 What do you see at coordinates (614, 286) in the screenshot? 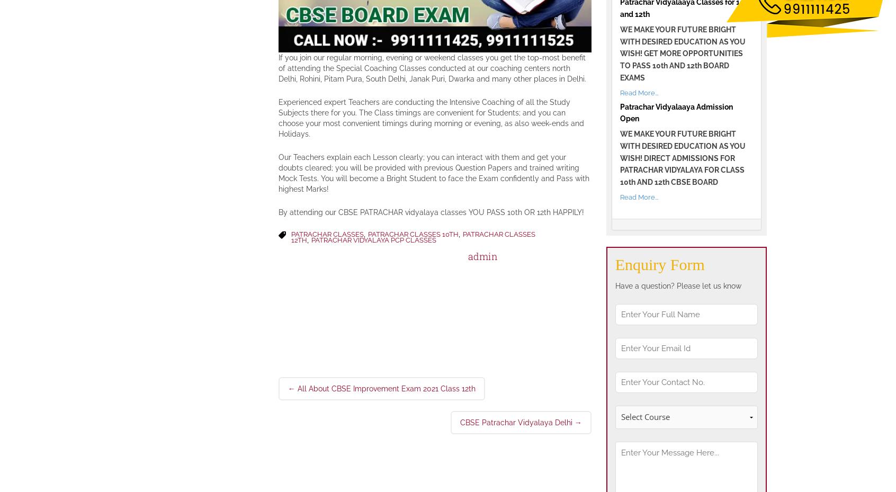
I see `'Have a question? Please let us know'` at bounding box center [614, 286].